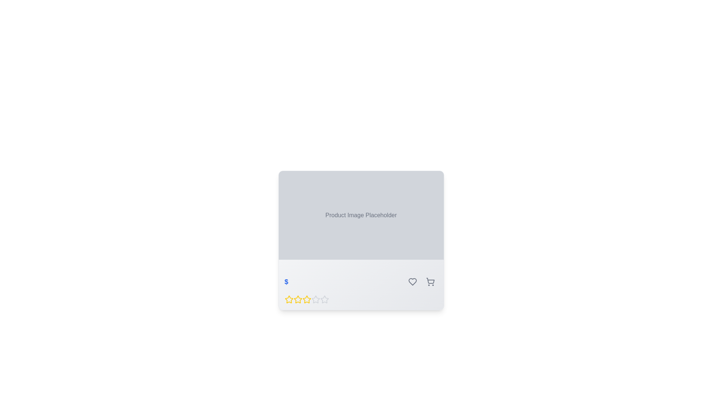 The image size is (710, 399). Describe the element at coordinates (286, 282) in the screenshot. I see `the monetary amount icon or text symbol, which is located to the far left above the row of rating stars` at that location.